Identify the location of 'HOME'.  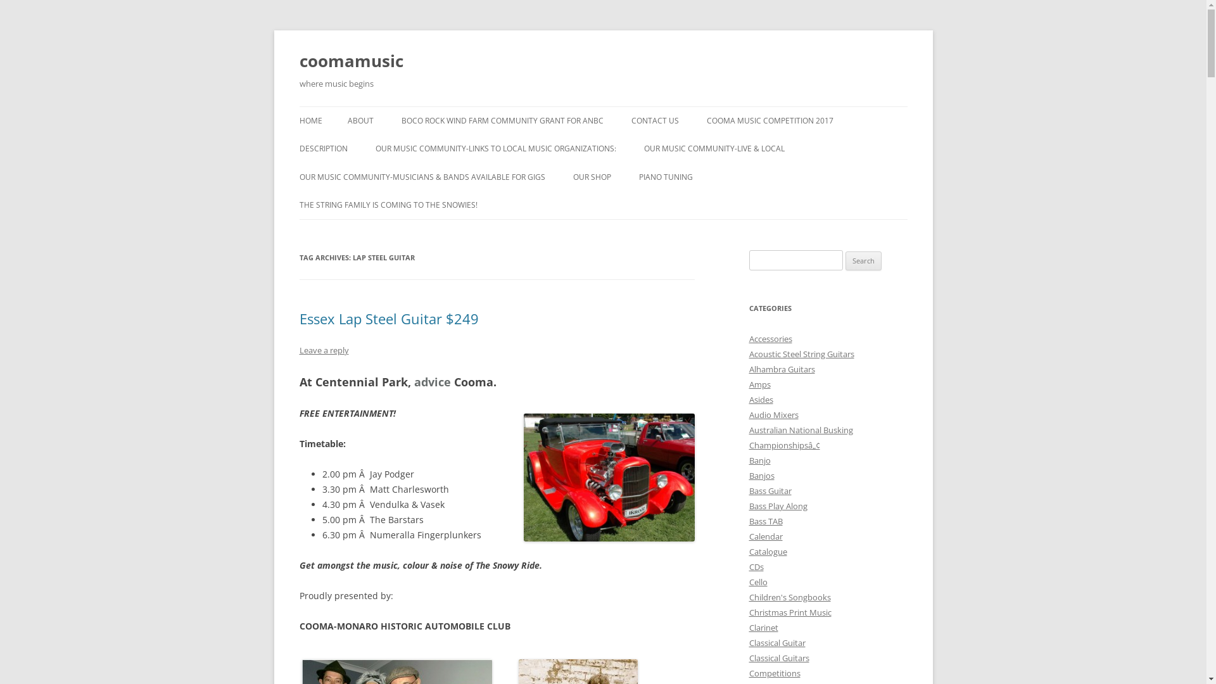
(310, 121).